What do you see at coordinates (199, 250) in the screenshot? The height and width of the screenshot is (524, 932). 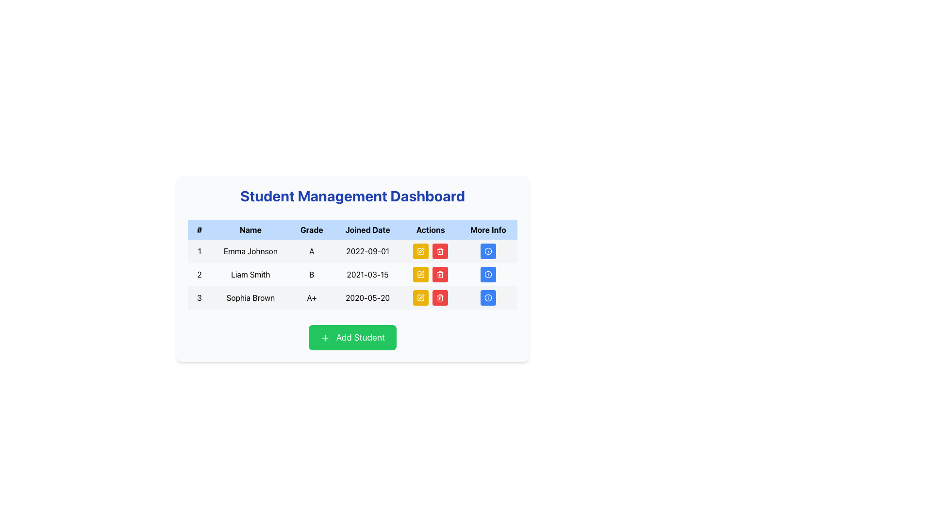 I see `numeric label displaying the text '1' located in the first cell of the first row of the data table, adjacent to the cell containing 'Emma Johnson'` at bounding box center [199, 250].